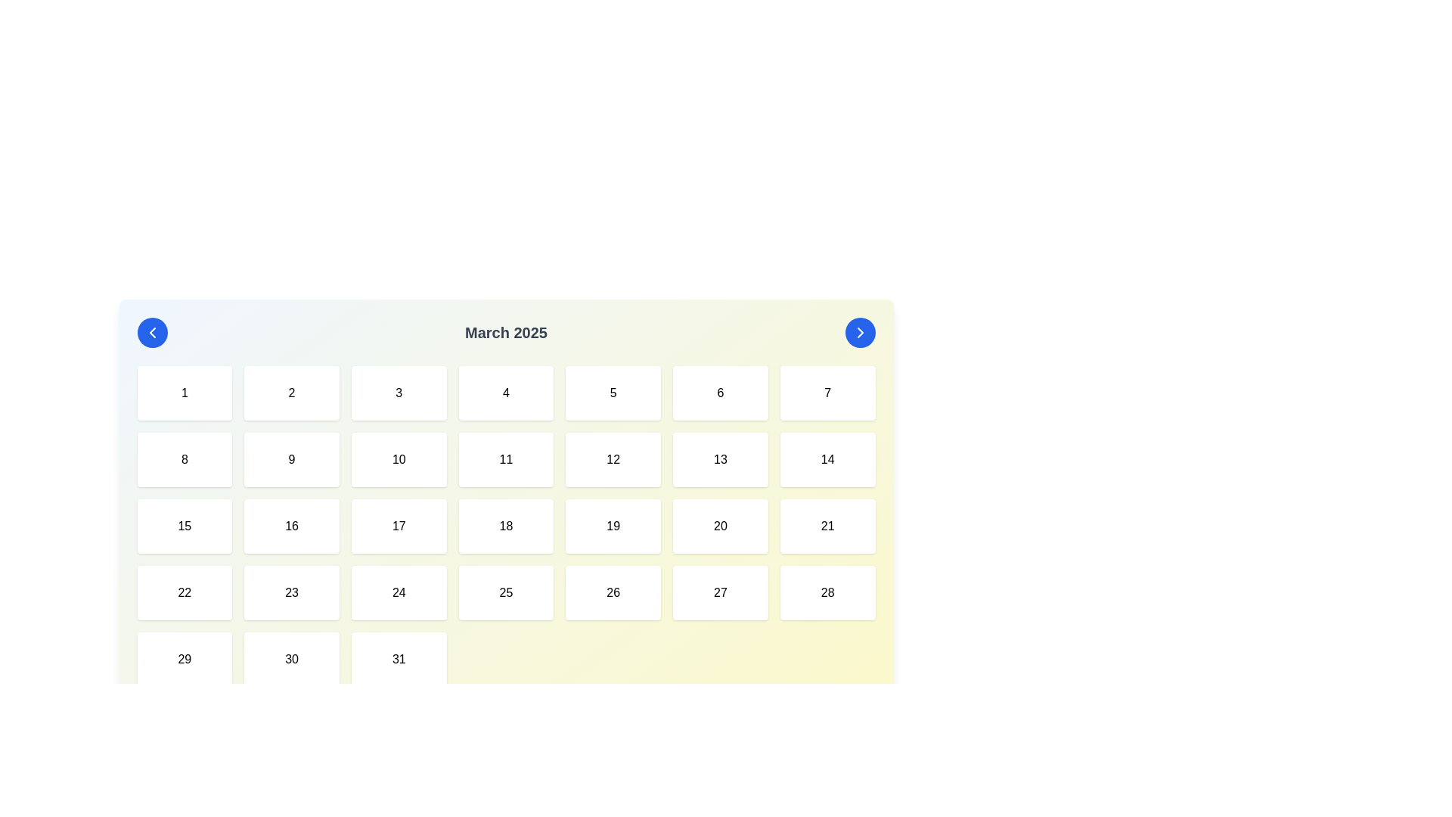 The width and height of the screenshot is (1452, 817). I want to click on the clickable calendar day box representing the 7th day, located in the first row of the grid layout, adjacent to the '6' box on the left, so click(827, 393).